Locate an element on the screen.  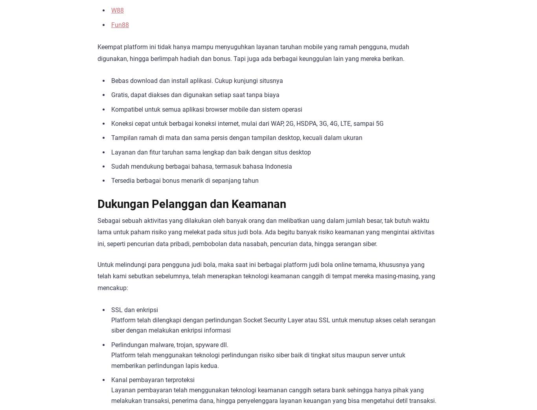
'Gratis, dapat diakses dan digunakan setiap saat tanpa biaya' is located at coordinates (195, 95).